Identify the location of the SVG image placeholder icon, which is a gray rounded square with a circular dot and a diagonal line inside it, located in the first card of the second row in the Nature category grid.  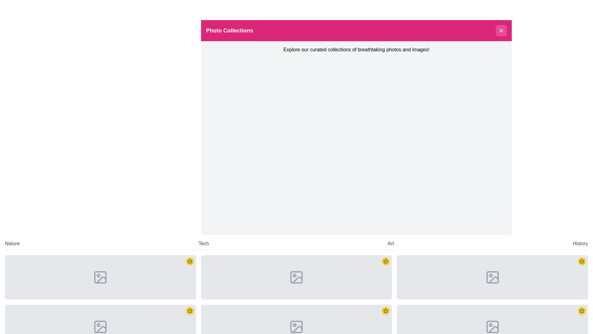
(100, 277).